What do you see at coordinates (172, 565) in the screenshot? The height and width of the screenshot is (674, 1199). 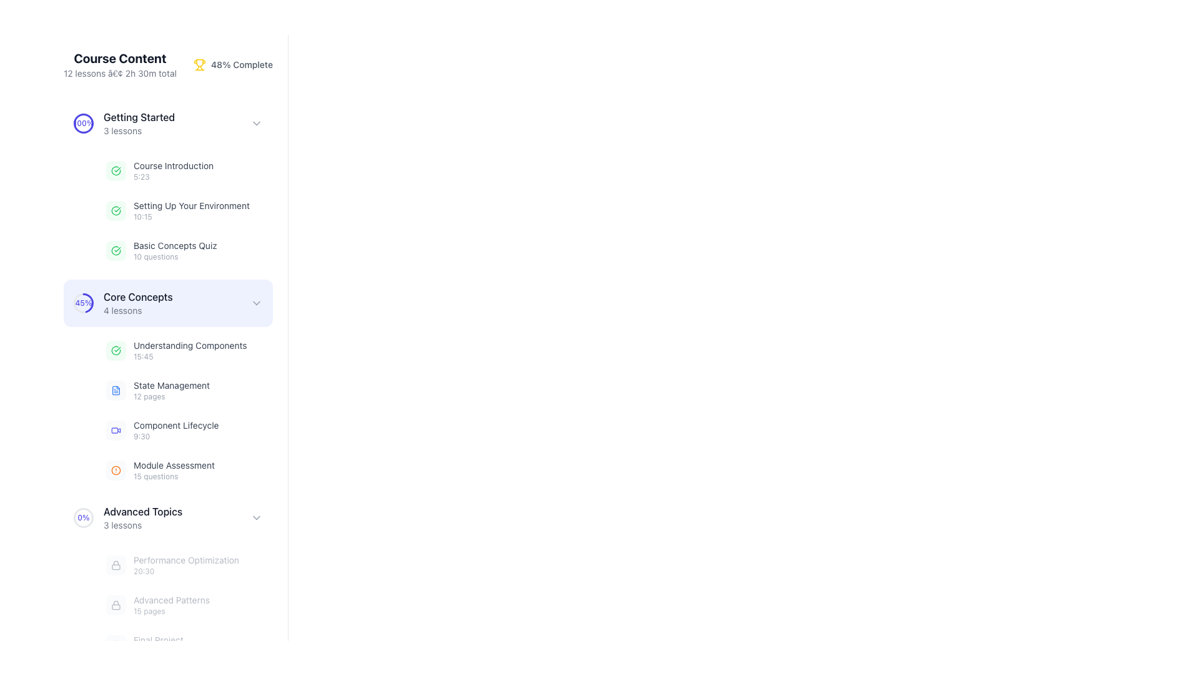 I see `the list item containing a lock icon and the text 'Performance Optimization' located in the 'Advanced Topics' section` at bounding box center [172, 565].